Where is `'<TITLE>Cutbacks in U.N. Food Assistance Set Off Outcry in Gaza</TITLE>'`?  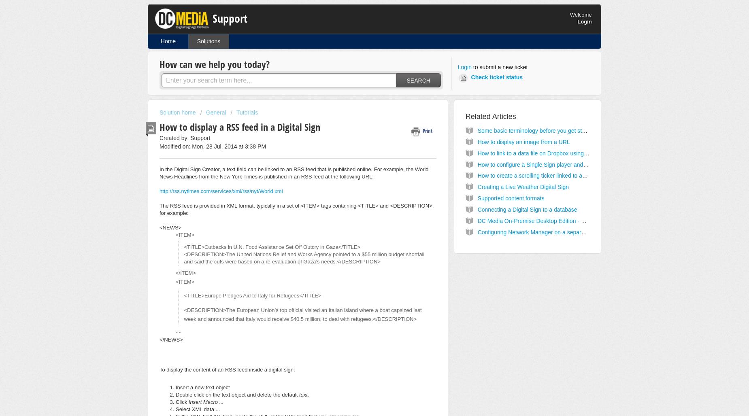
'<TITLE>Cutbacks in U.N. Food Assistance Set Off Outcry in Gaza</TITLE>' is located at coordinates (183, 246).